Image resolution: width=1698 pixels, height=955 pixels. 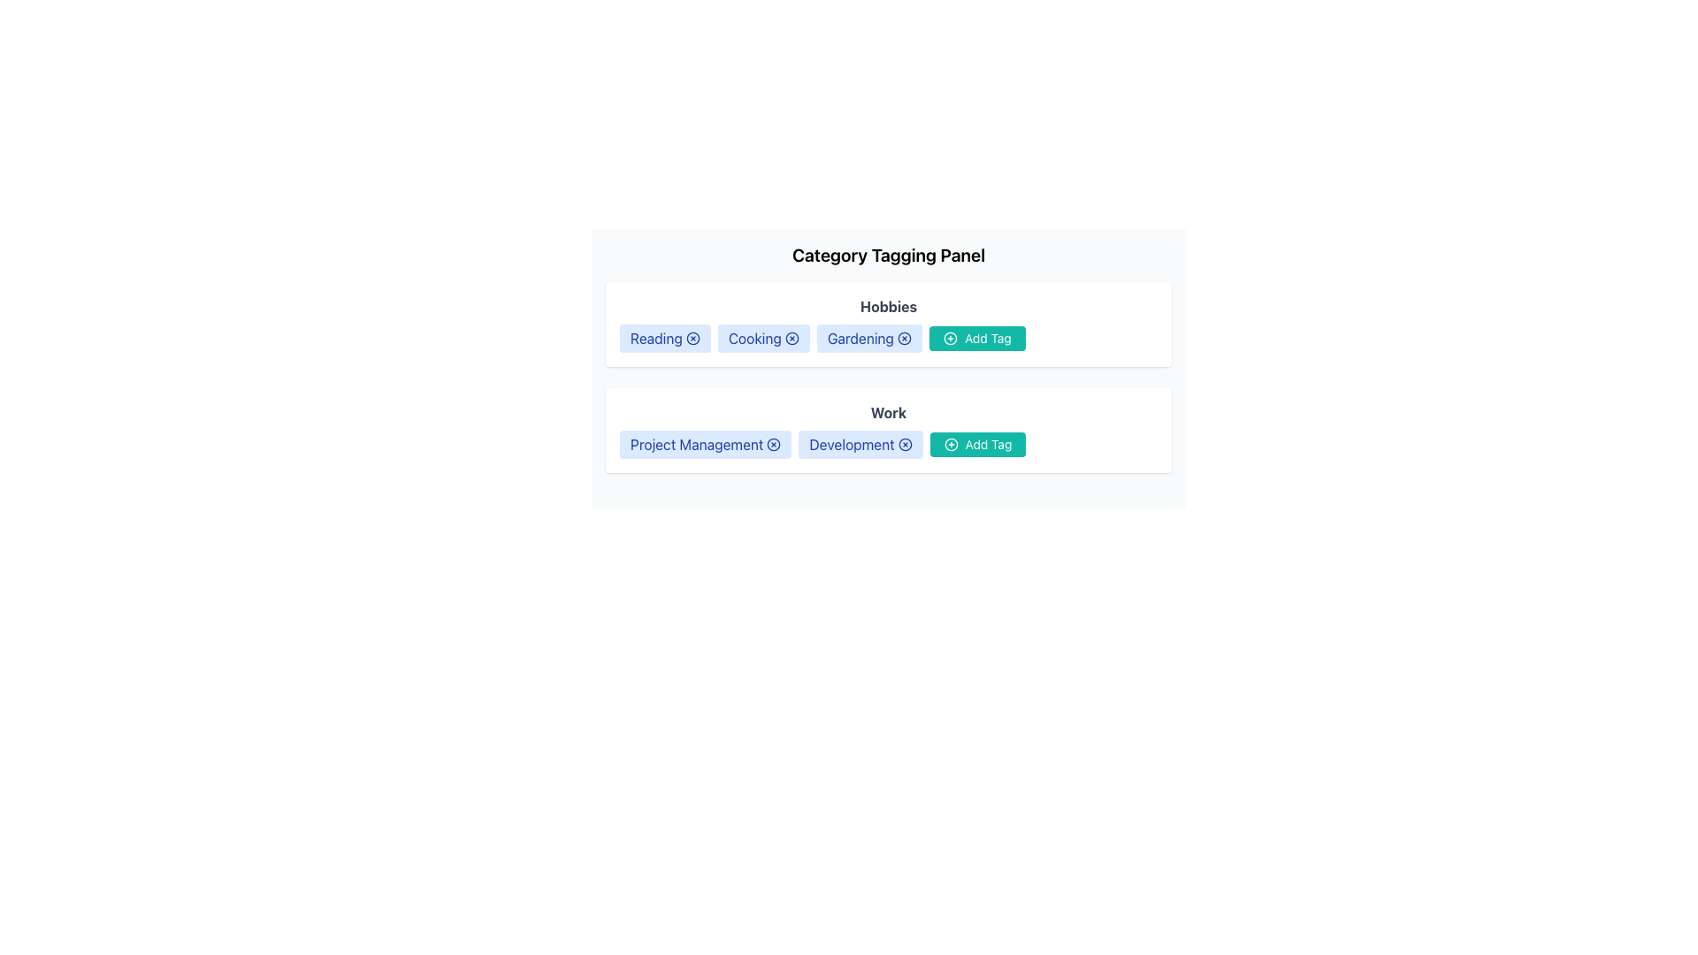 What do you see at coordinates (888, 306) in the screenshot?
I see `the Text Label that serves as a header for the section listing associated tags, positioned centrally above the tags such as 'Reading' and 'Cooking'` at bounding box center [888, 306].